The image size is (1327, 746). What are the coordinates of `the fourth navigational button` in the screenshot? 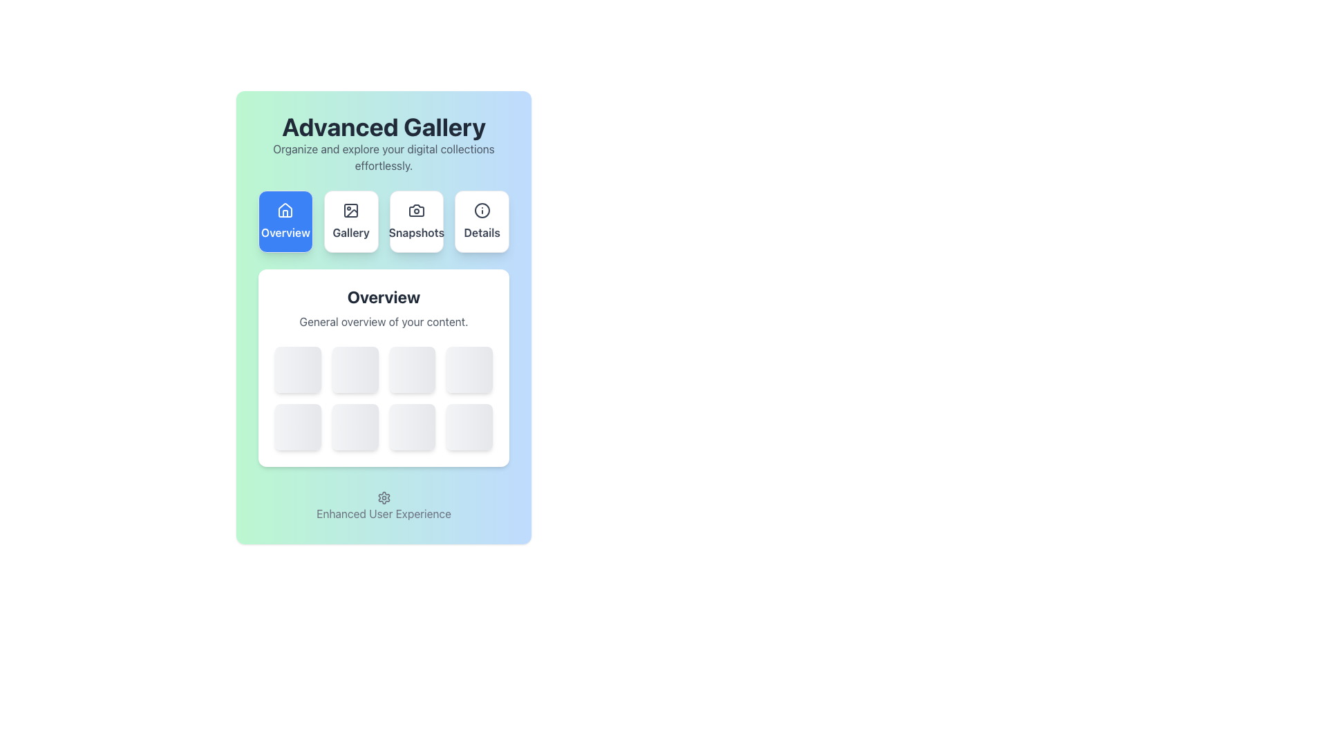 It's located at (482, 220).